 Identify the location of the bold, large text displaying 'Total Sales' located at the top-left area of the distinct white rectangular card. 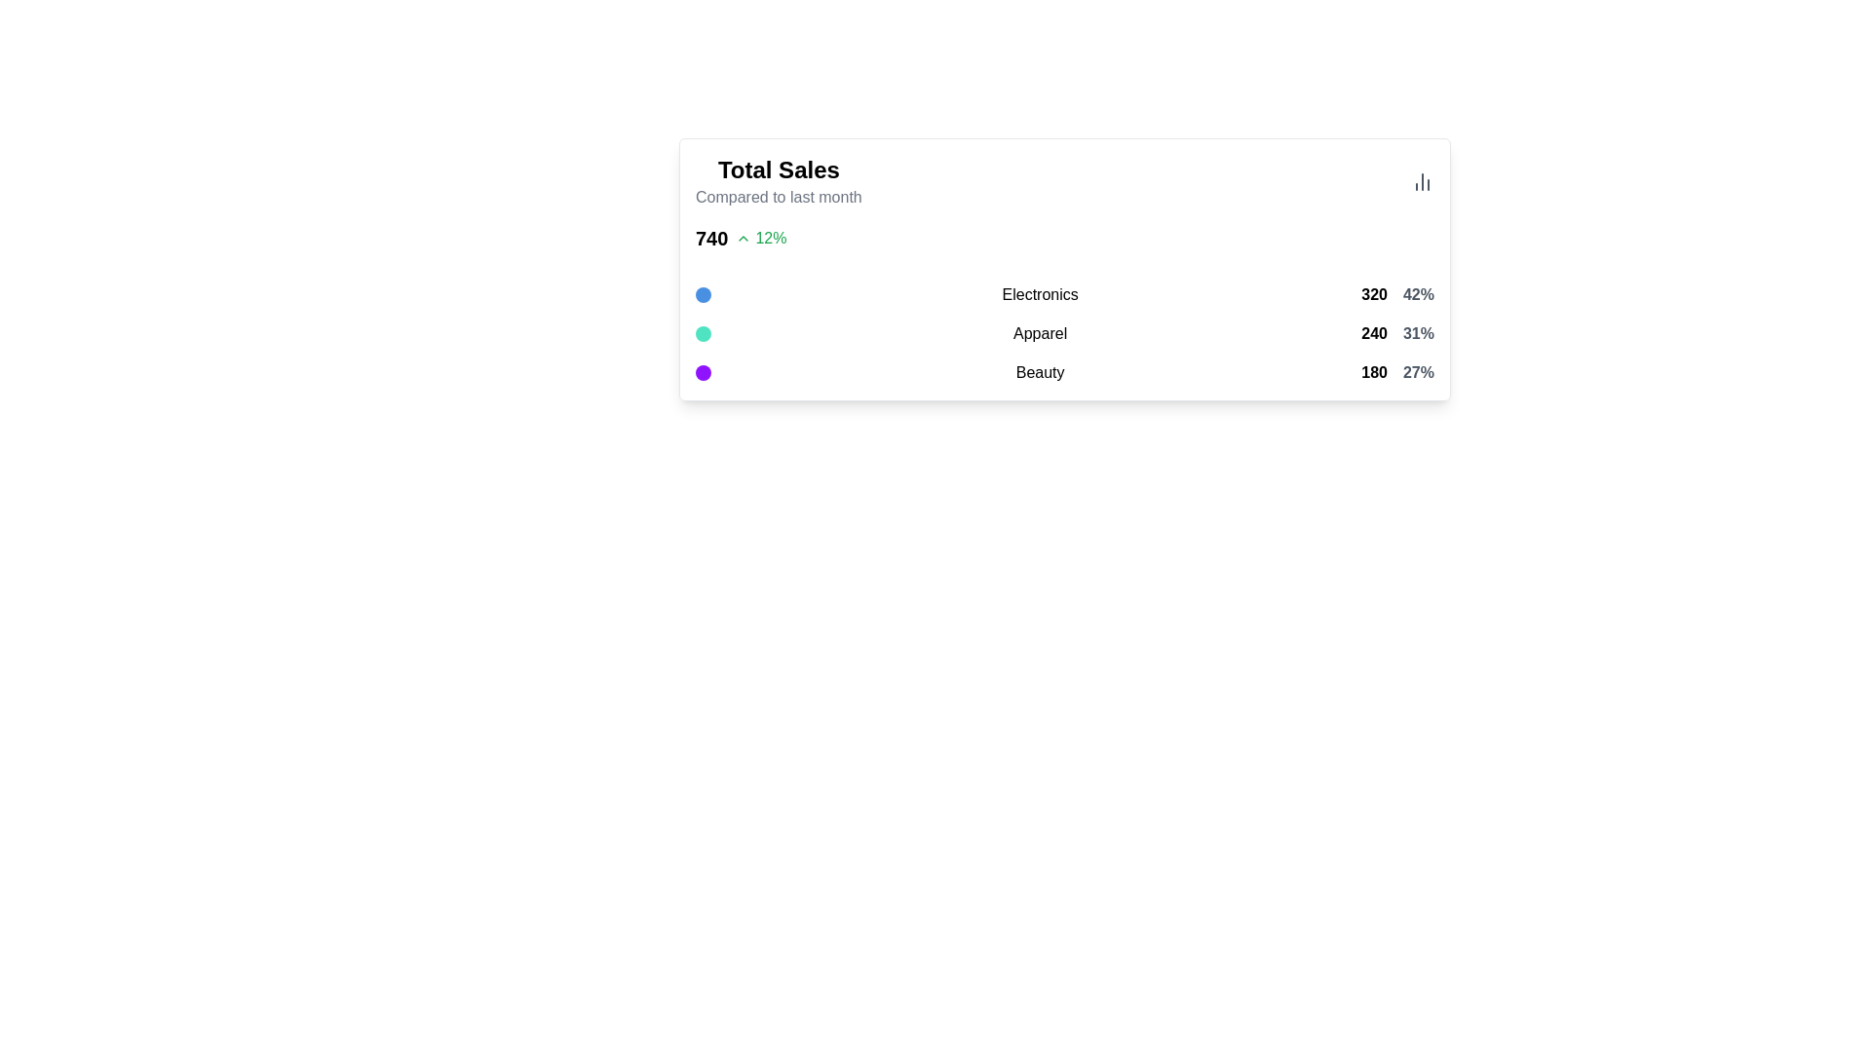
(778, 169).